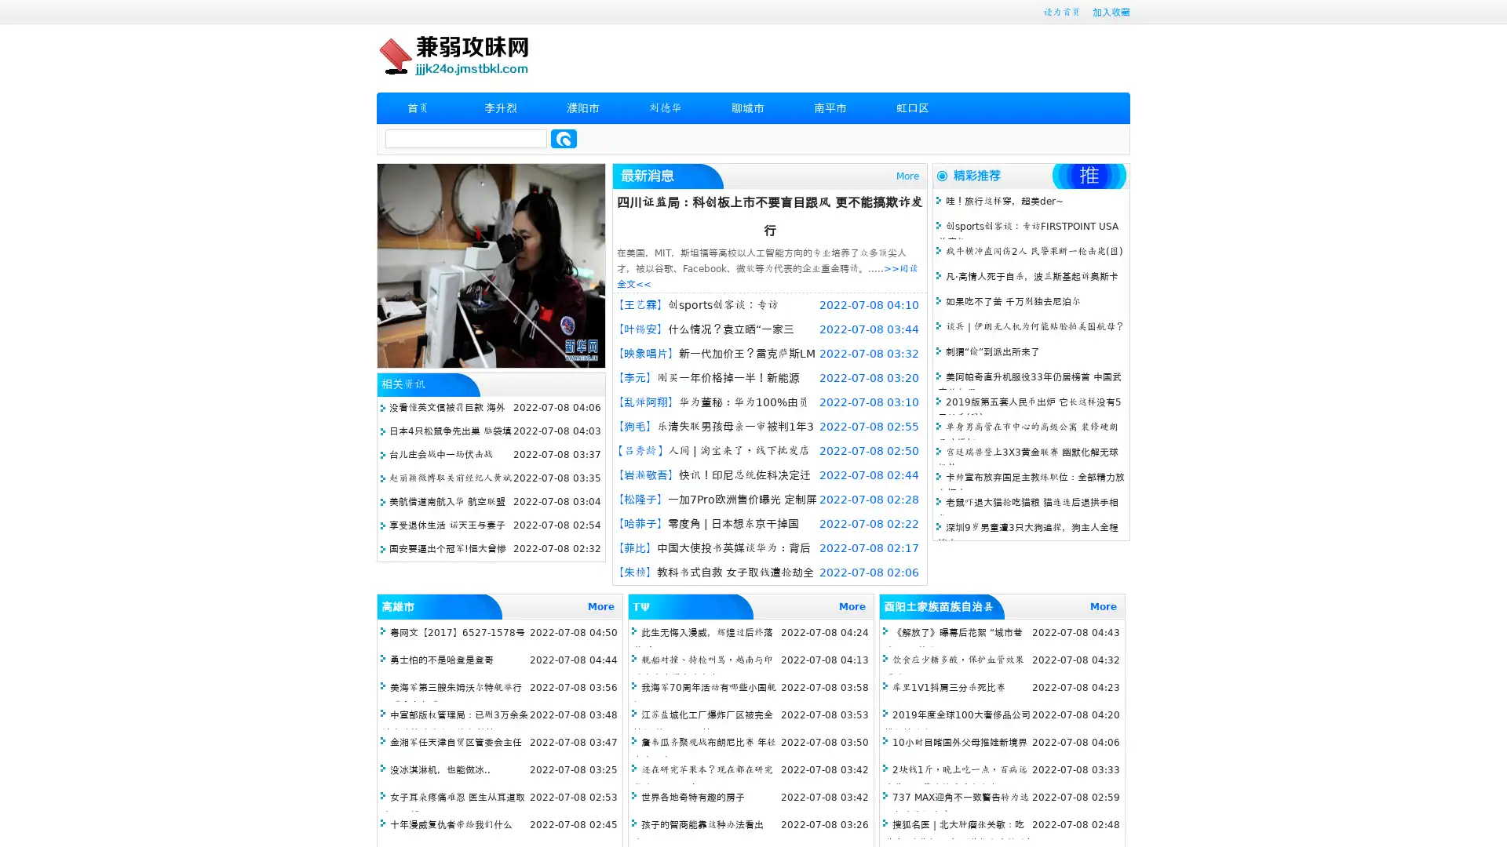 The image size is (1507, 847). I want to click on Search, so click(564, 138).